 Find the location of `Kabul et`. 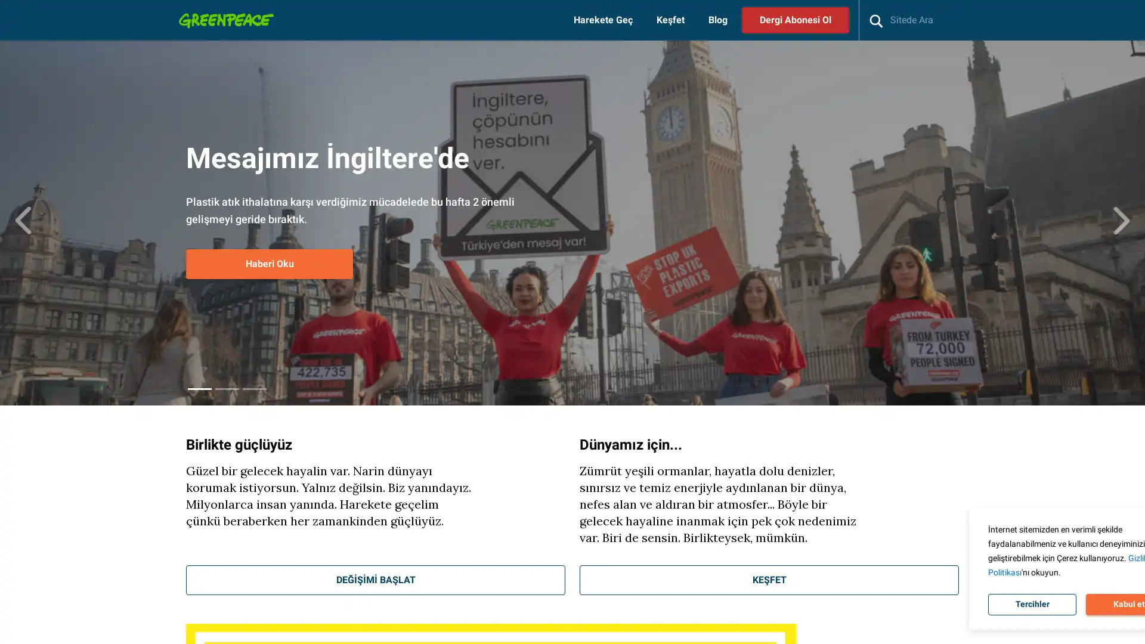

Kabul et is located at coordinates (1068, 605).